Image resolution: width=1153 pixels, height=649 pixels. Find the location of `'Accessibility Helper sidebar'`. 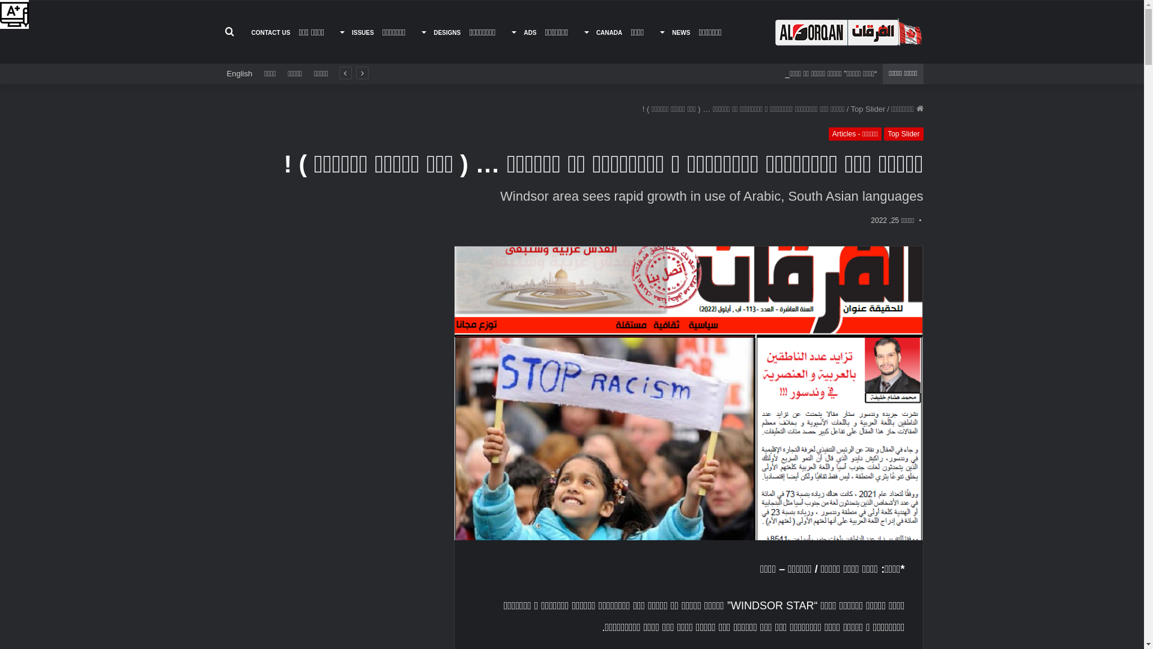

'Accessibility Helper sidebar' is located at coordinates (14, 14).